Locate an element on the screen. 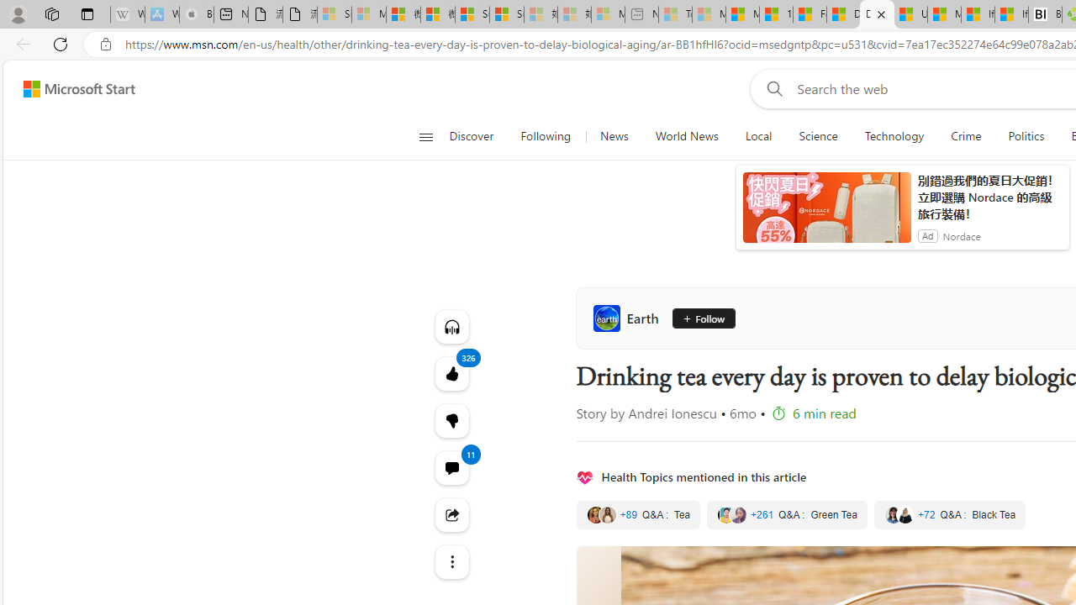  'Earth' is located at coordinates (628, 318).